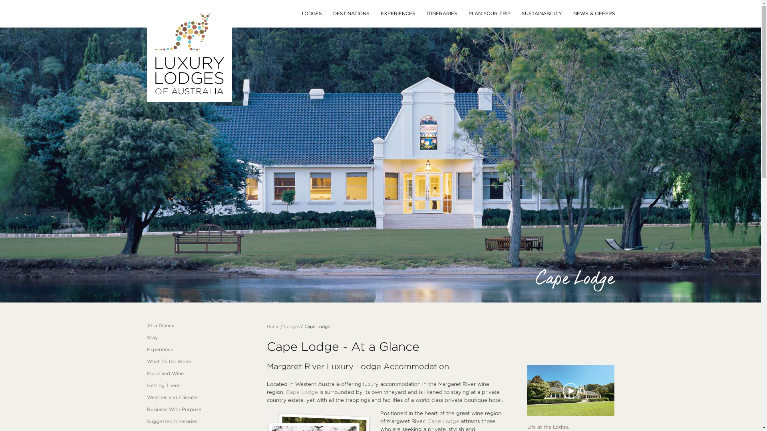 The image size is (767, 431). What do you see at coordinates (291, 326) in the screenshot?
I see `'Lodges'` at bounding box center [291, 326].